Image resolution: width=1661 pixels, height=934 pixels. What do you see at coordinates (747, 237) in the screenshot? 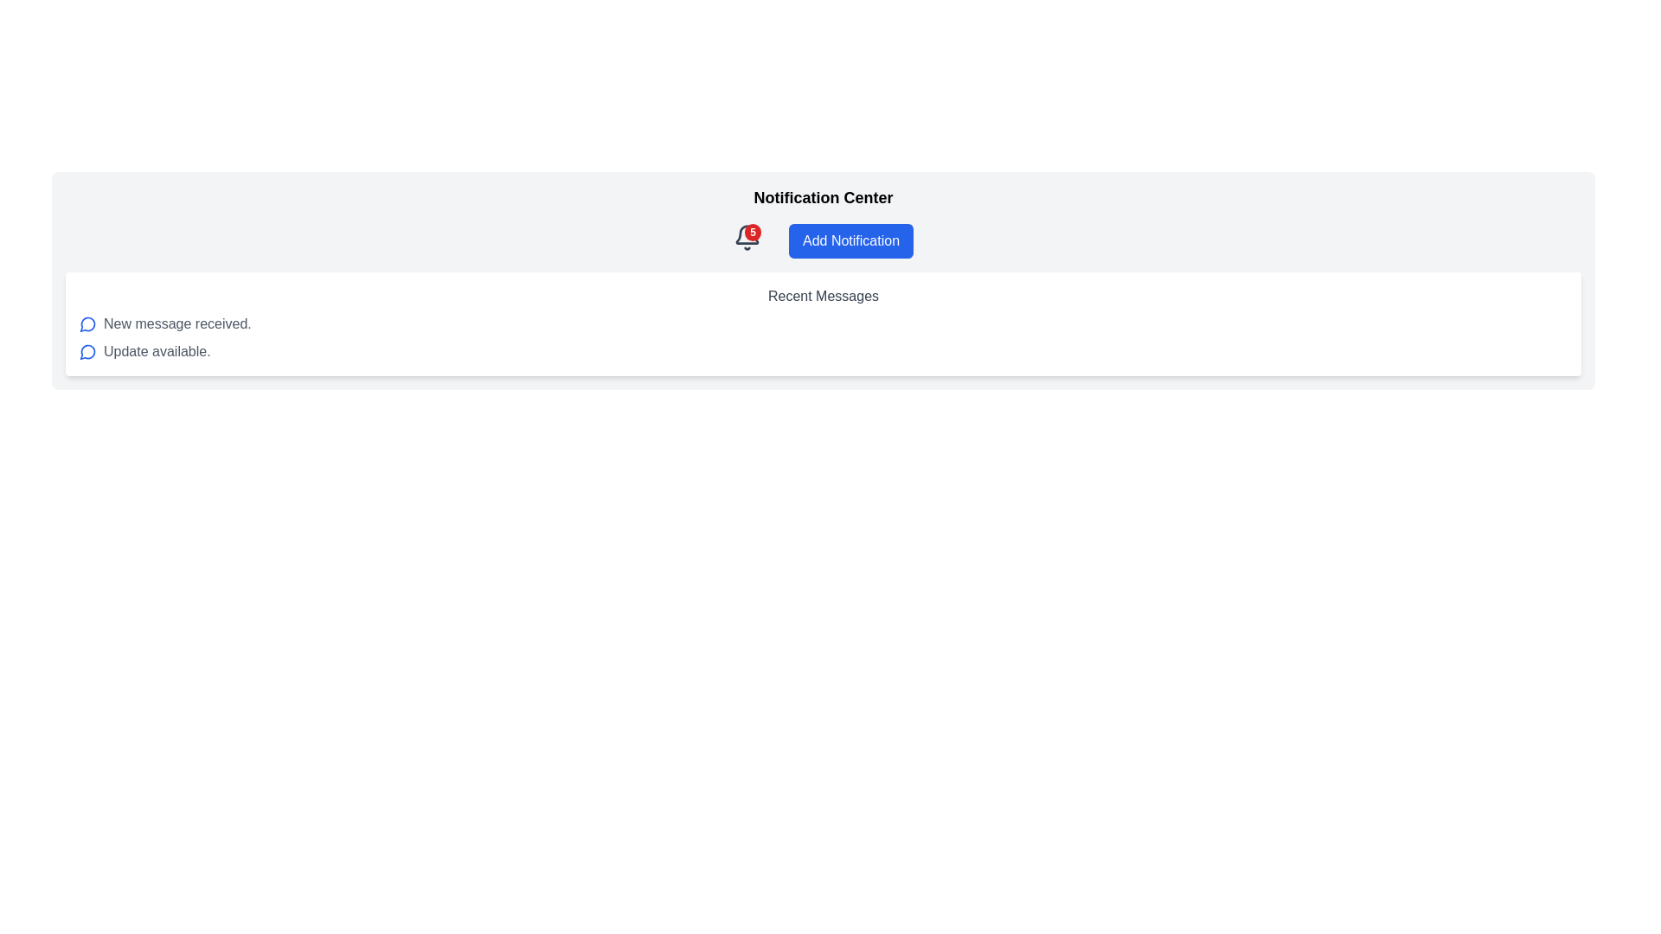
I see `the bell icon, which serves as a notification indicator` at bounding box center [747, 237].